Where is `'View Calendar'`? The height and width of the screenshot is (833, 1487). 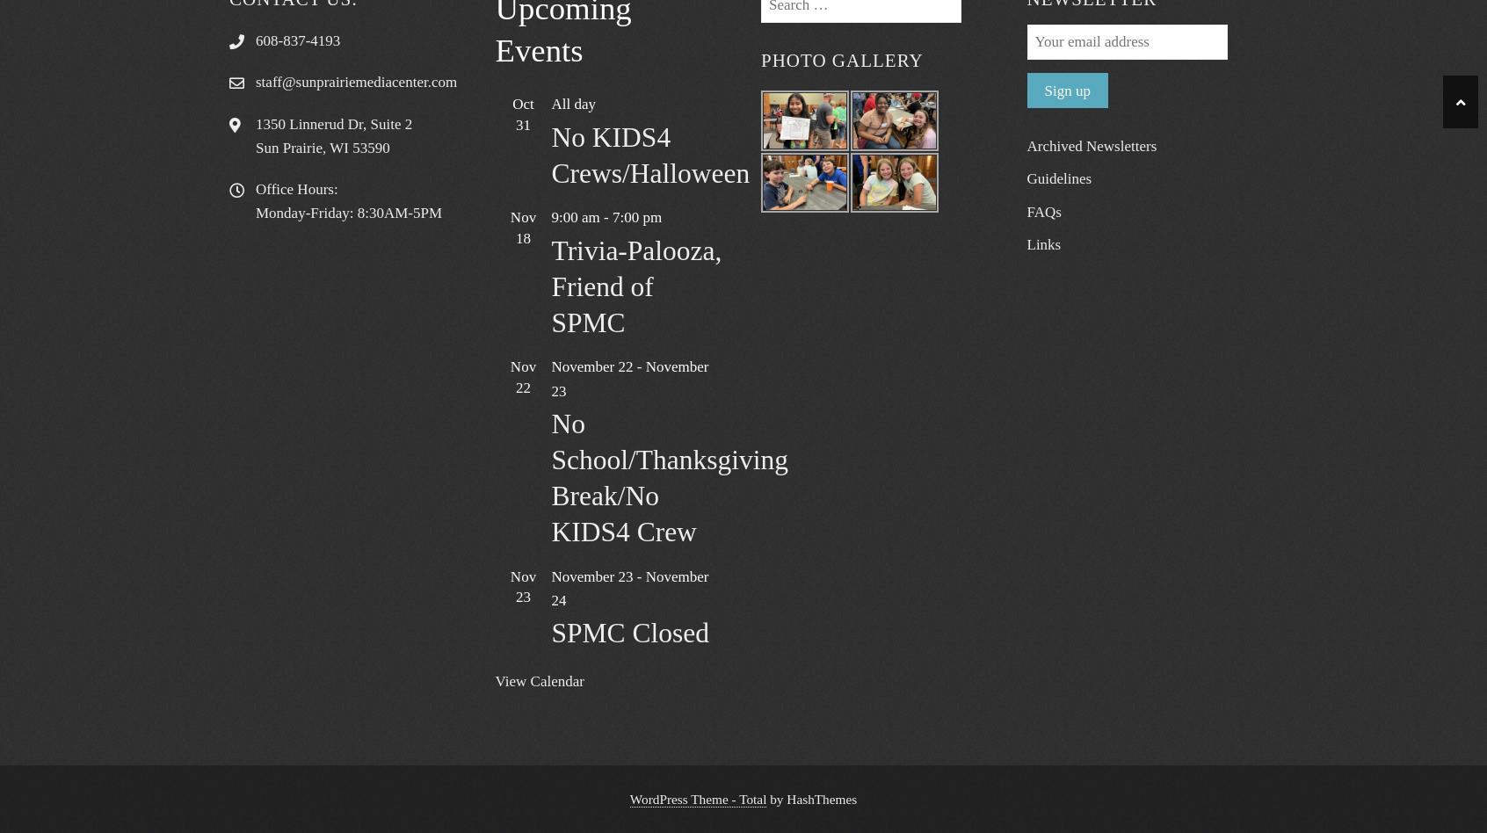 'View Calendar' is located at coordinates (538, 680).